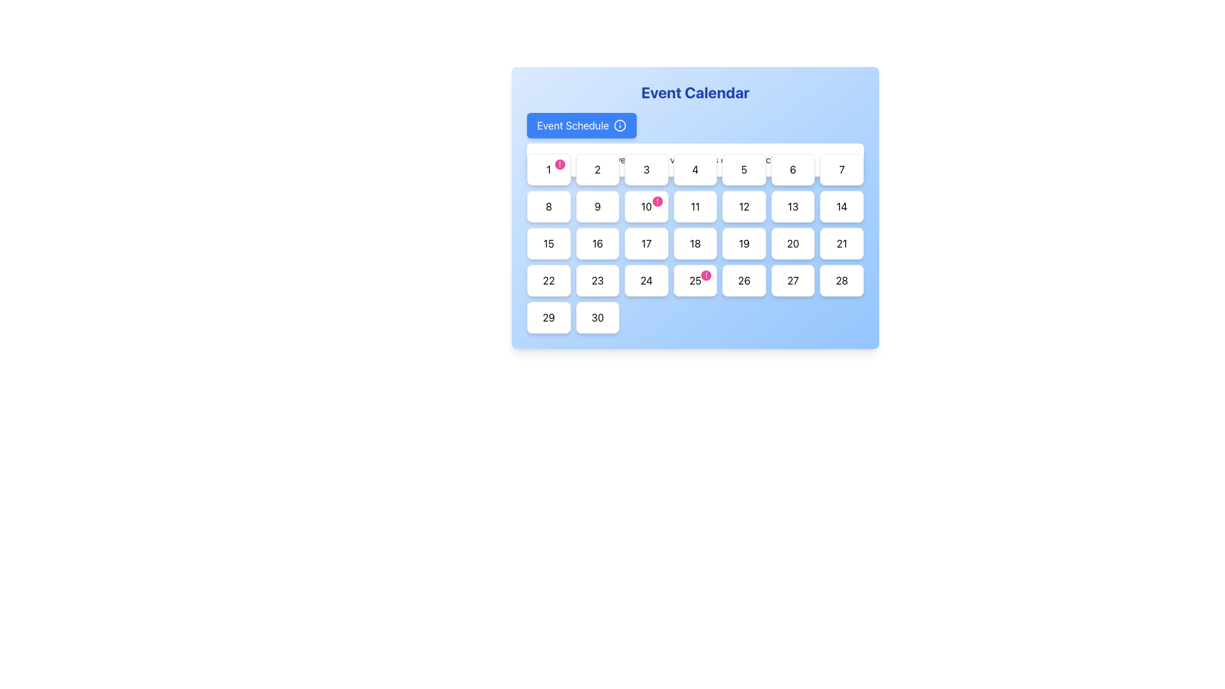  Describe the element at coordinates (842, 206) in the screenshot. I see `the button representing the 14th day in the calendar grid` at that location.